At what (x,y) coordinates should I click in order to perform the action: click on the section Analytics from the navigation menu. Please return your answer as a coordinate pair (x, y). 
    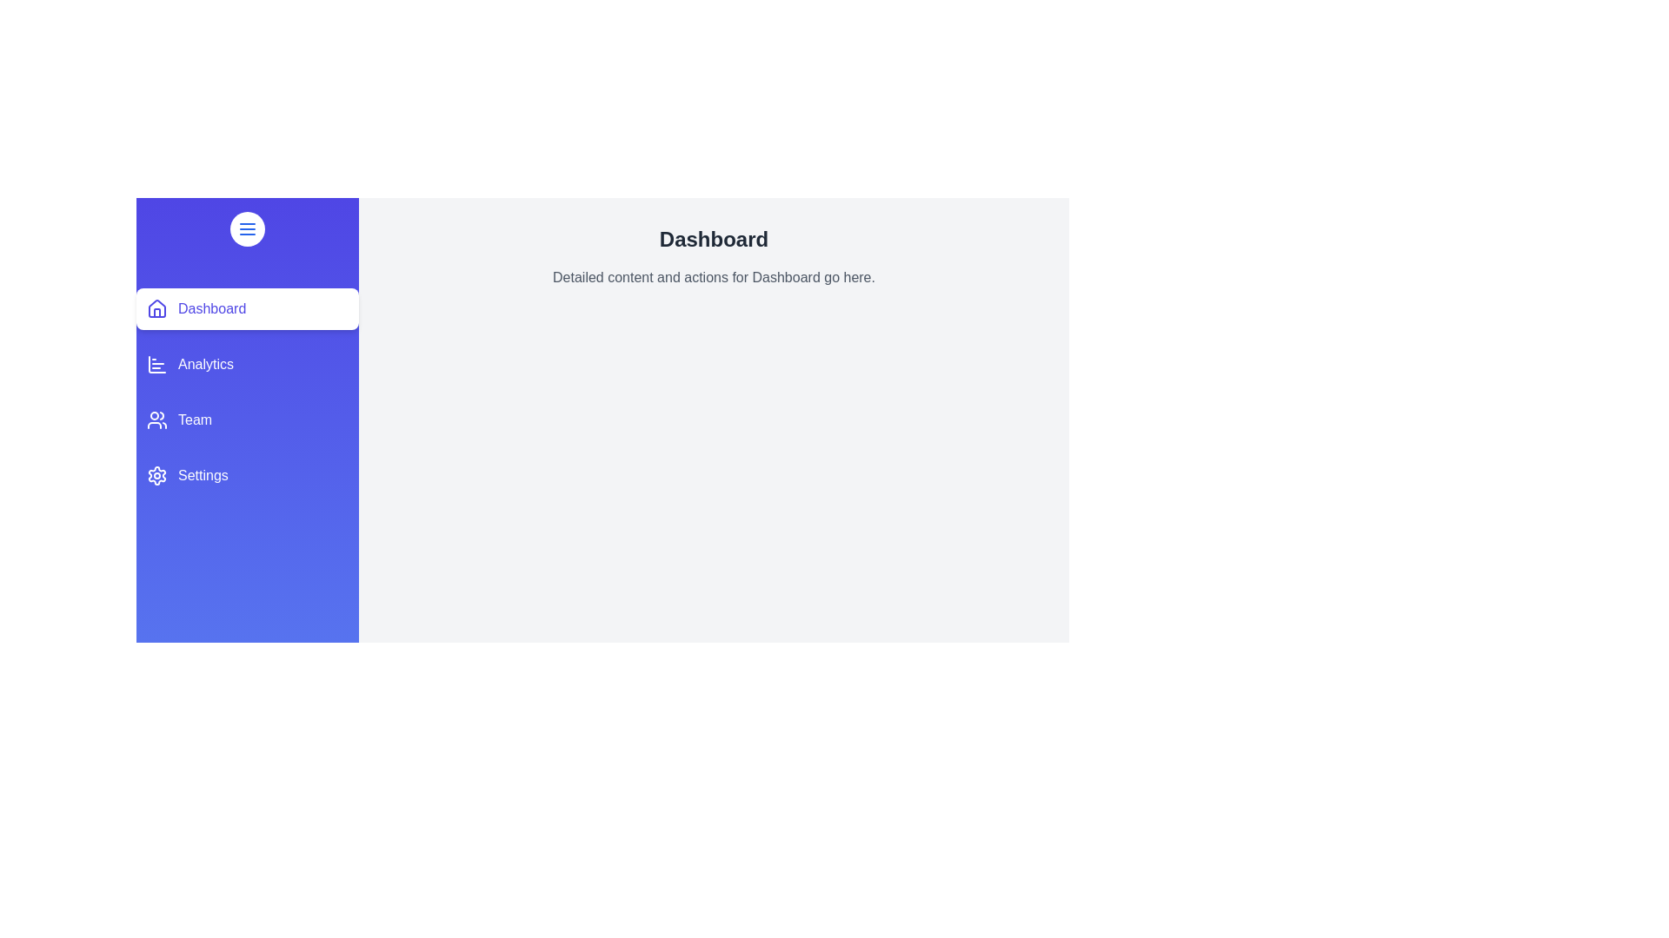
    Looking at the image, I should click on (246, 364).